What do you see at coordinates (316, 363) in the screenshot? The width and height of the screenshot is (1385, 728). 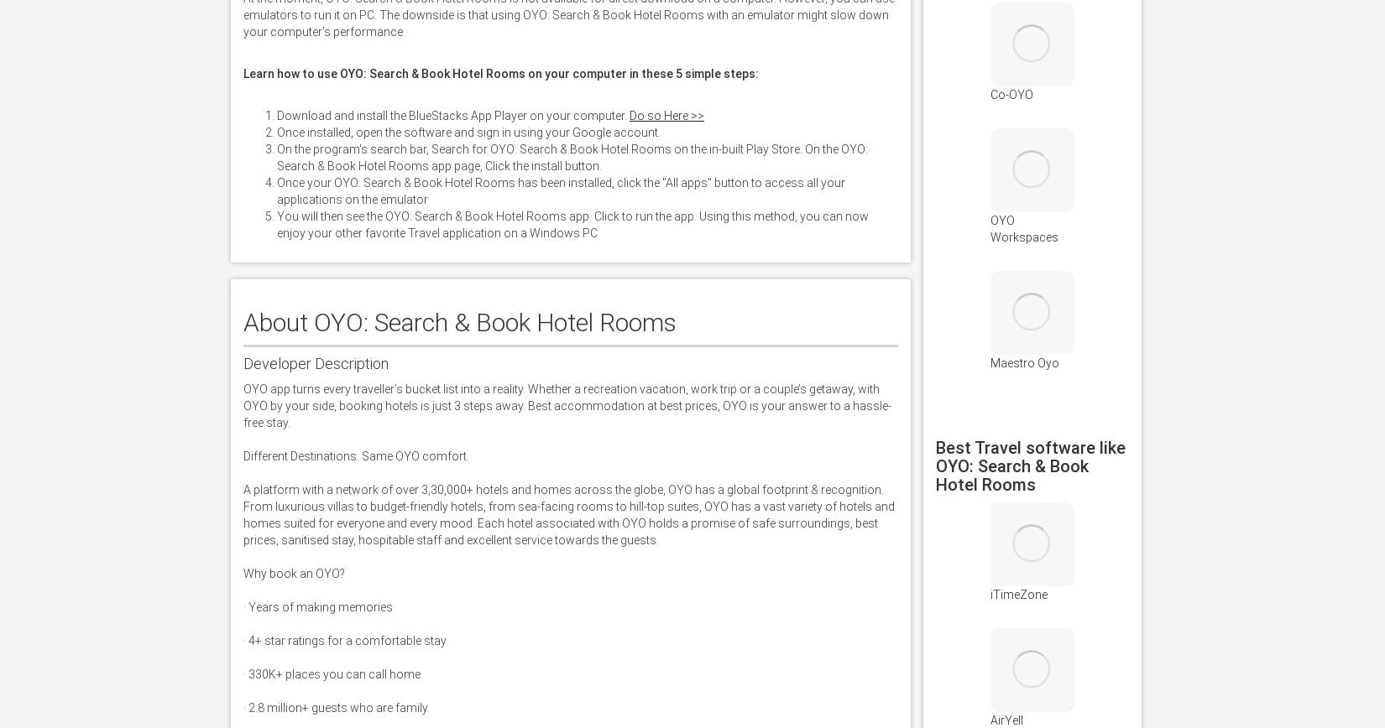 I see `'Developer Description'` at bounding box center [316, 363].